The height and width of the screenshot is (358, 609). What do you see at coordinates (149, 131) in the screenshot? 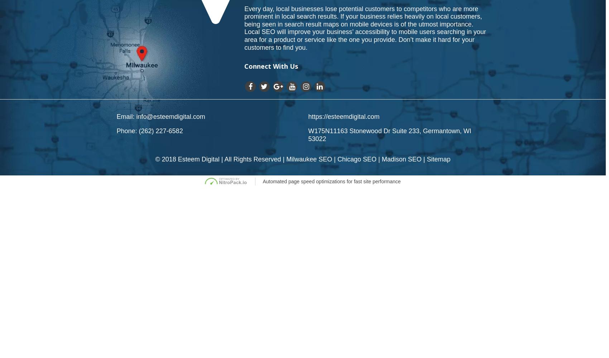
I see `'Phone: (262) 227-6582'` at bounding box center [149, 131].